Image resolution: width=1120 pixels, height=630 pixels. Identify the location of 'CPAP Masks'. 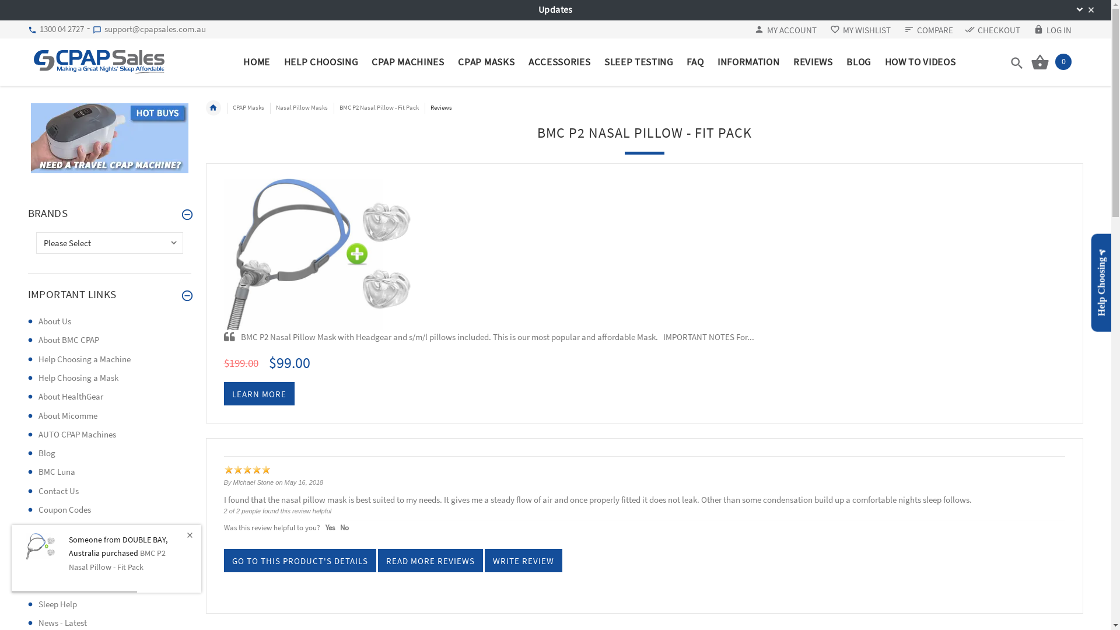
(248, 107).